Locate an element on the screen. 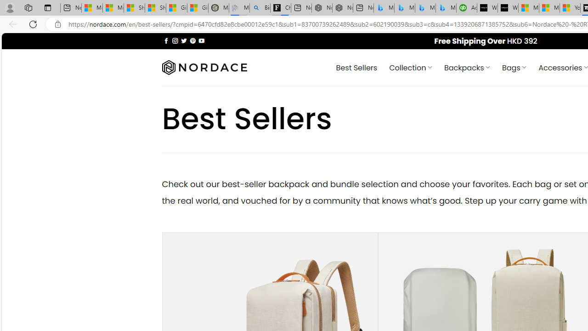 The image size is (588, 331). 'Chloe Sorvino' is located at coordinates (280, 8).